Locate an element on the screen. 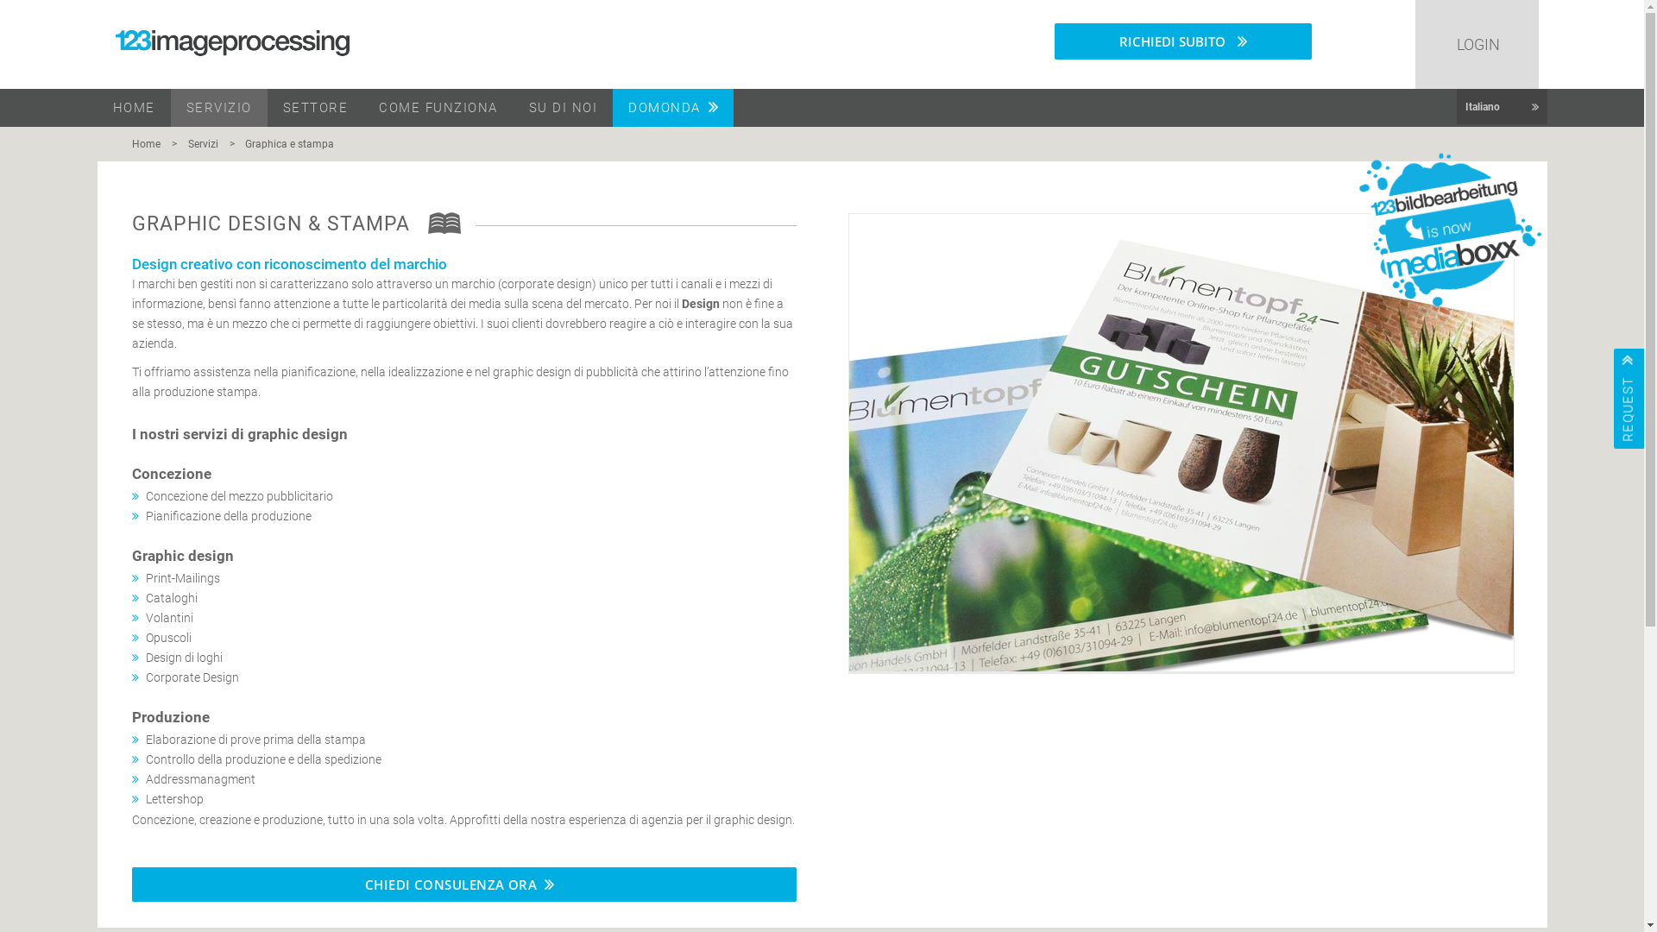 Image resolution: width=1657 pixels, height=932 pixels. ' LOGIN' is located at coordinates (1475, 43).